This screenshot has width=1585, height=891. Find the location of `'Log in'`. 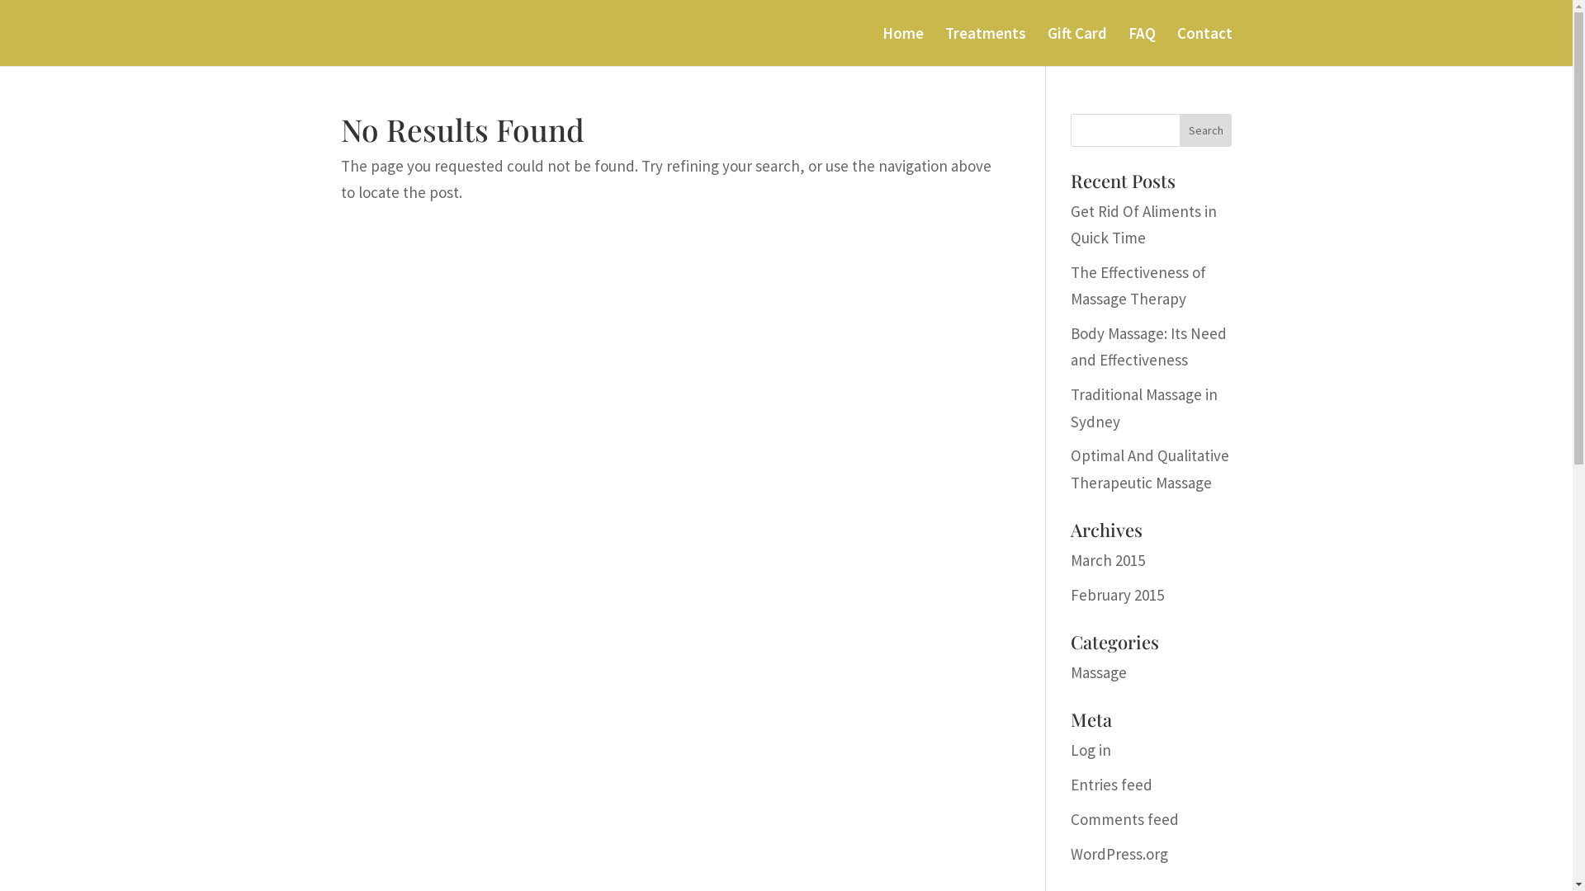

'Log in' is located at coordinates (1070, 750).